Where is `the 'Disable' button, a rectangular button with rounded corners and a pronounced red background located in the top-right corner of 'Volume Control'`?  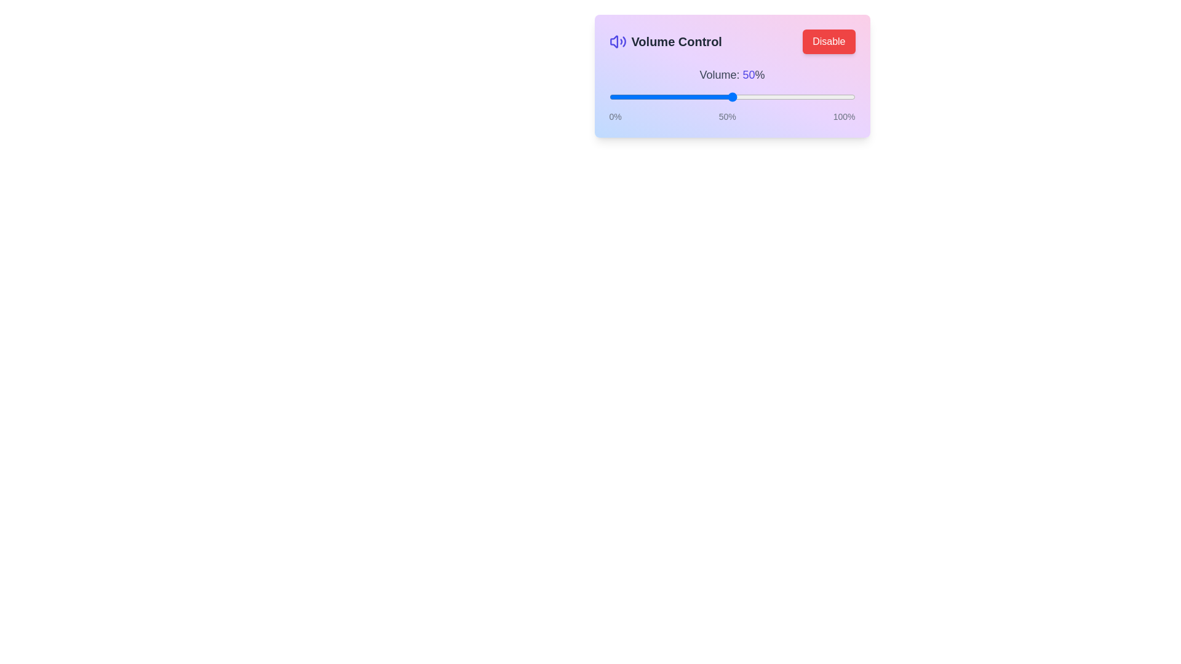
the 'Disable' button, a rectangular button with rounded corners and a pronounced red background located in the top-right corner of 'Volume Control' is located at coordinates (829, 41).